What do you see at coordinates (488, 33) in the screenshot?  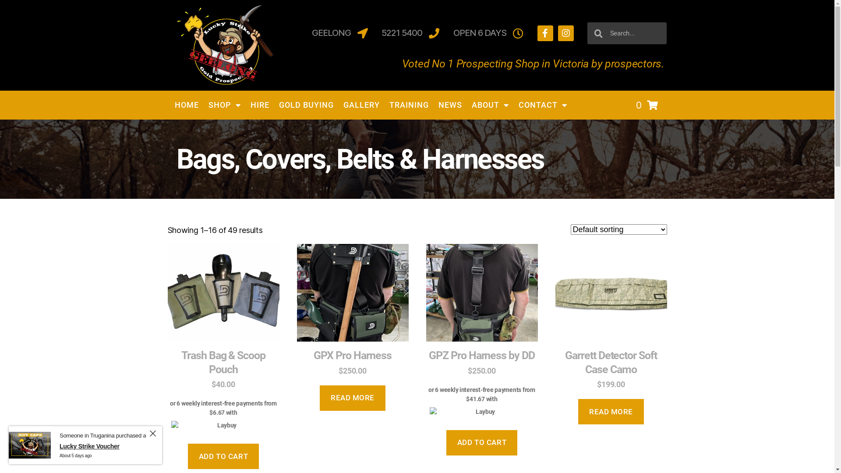 I see `'OPEN 6 DAYS'` at bounding box center [488, 33].